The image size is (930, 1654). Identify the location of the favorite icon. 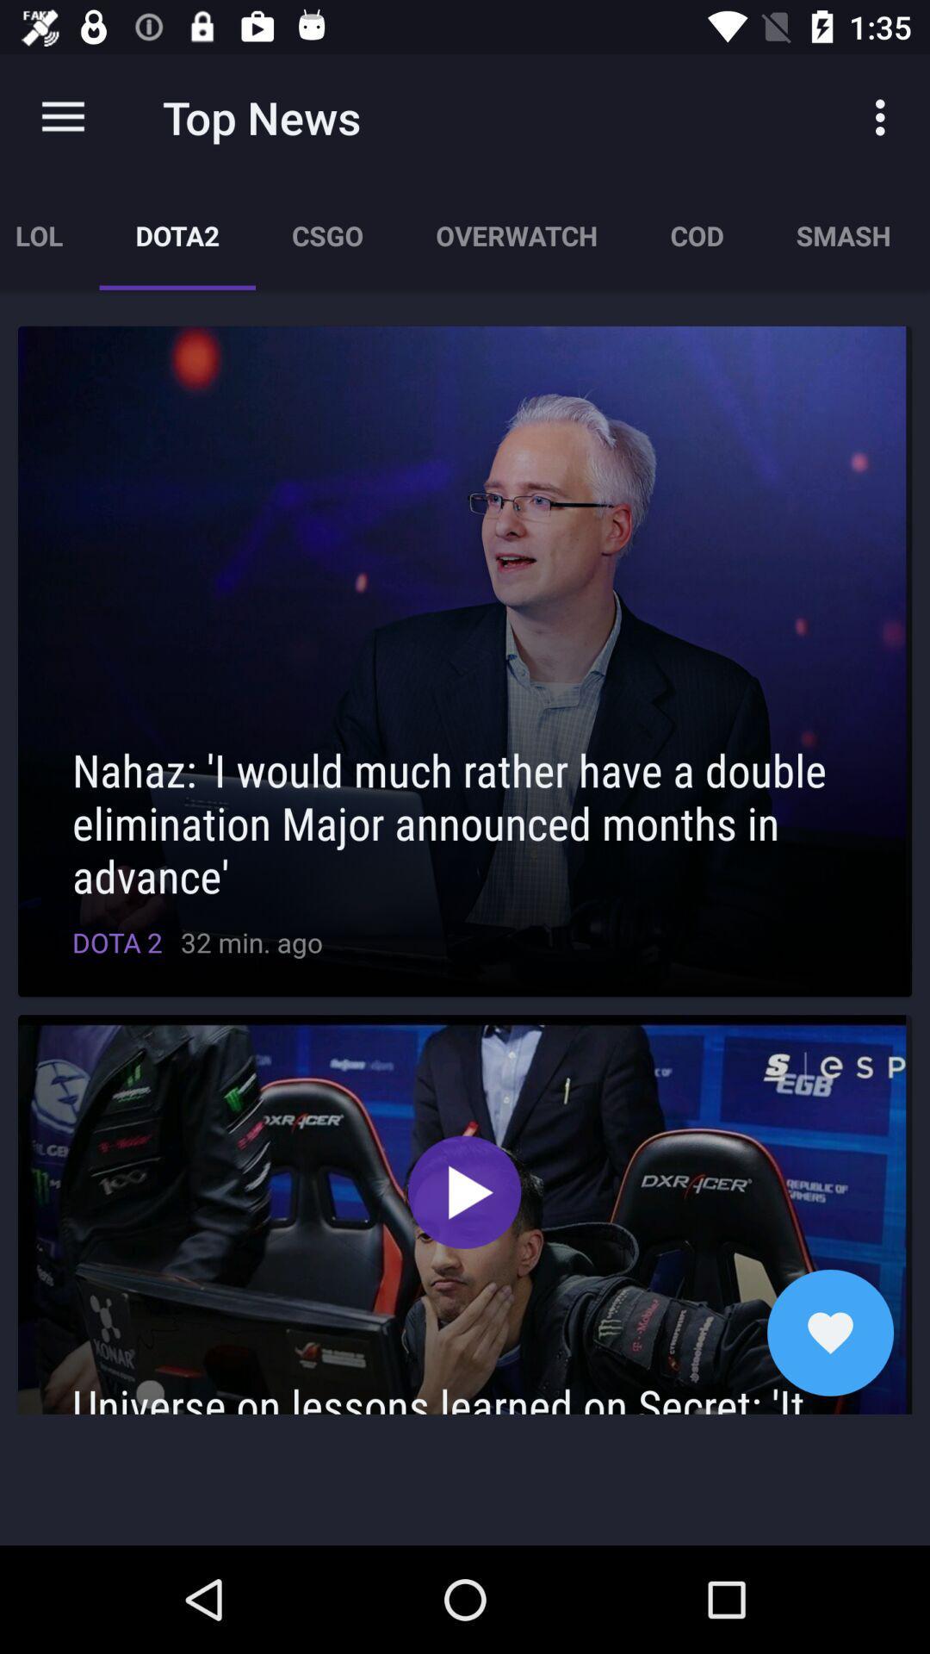
(829, 1332).